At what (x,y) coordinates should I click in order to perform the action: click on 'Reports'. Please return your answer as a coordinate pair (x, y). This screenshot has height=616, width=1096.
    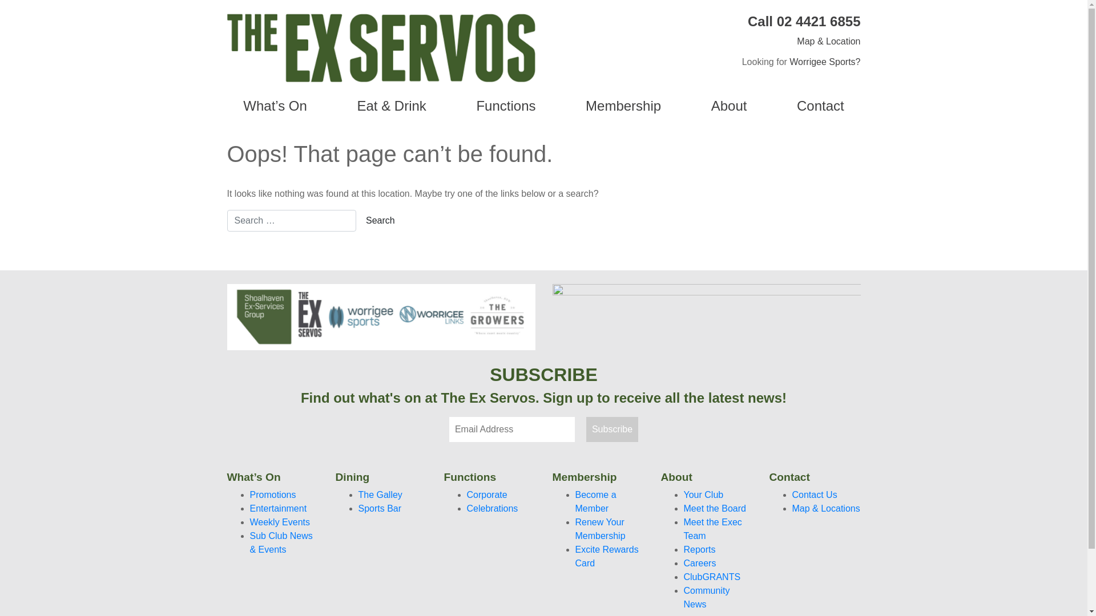
    Looking at the image, I should click on (699, 549).